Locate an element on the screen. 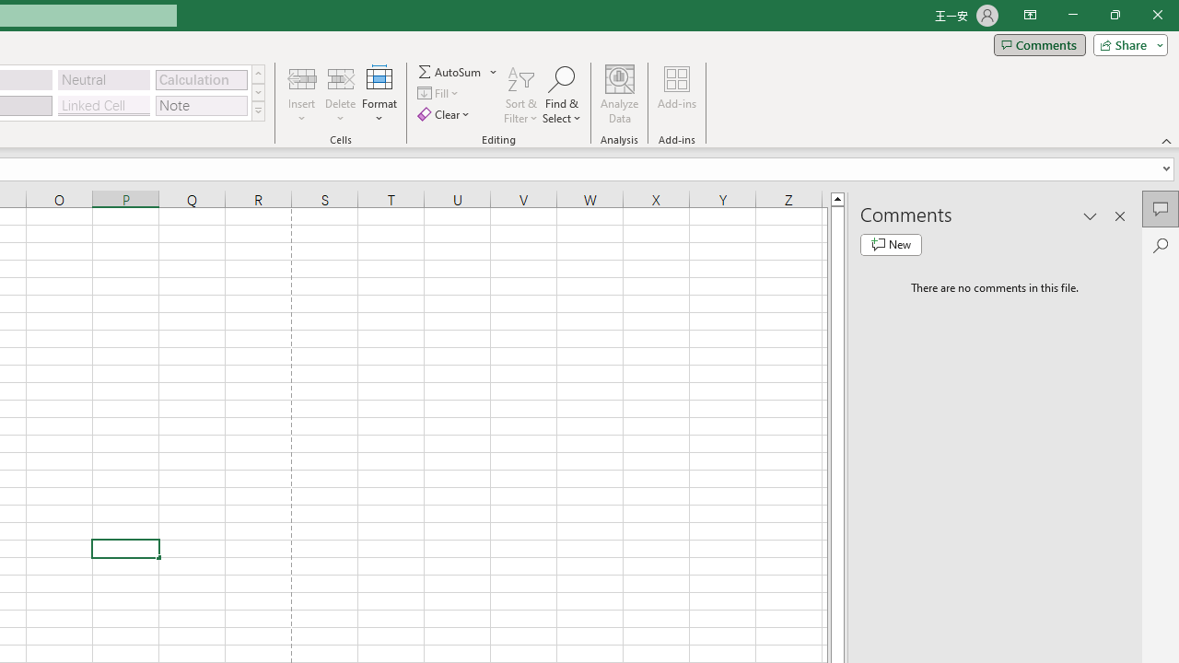 This screenshot has height=663, width=1179. 'Close pane' is located at coordinates (1119, 215).